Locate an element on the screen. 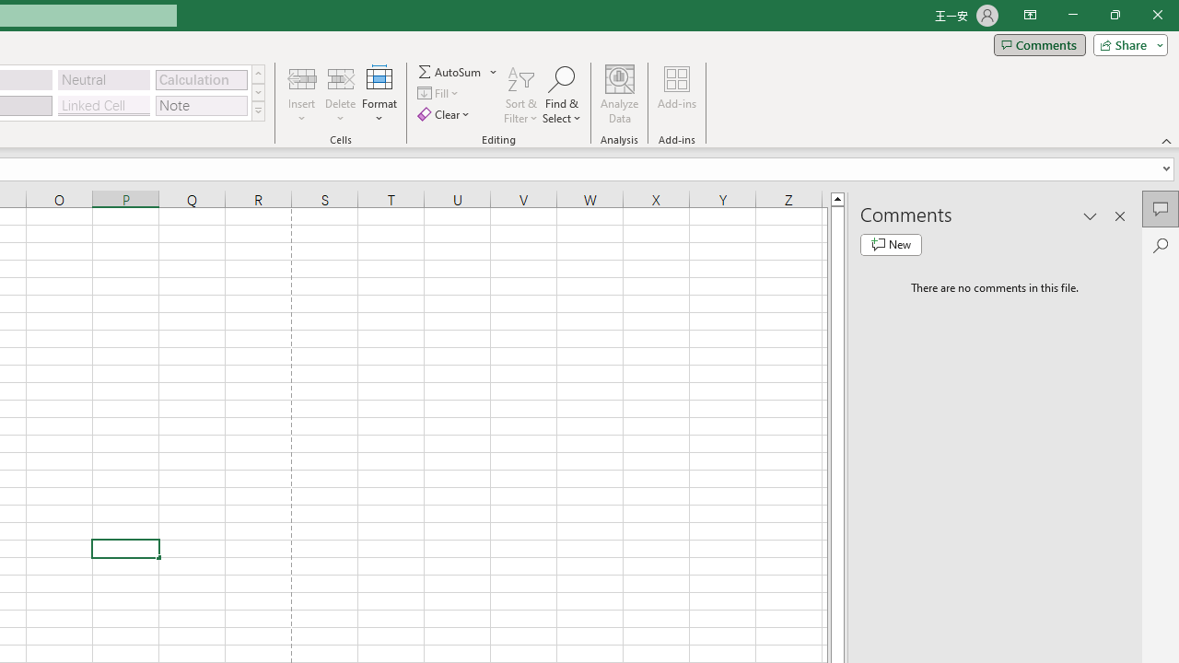 This screenshot has height=663, width=1179. 'Close pane' is located at coordinates (1119, 215).